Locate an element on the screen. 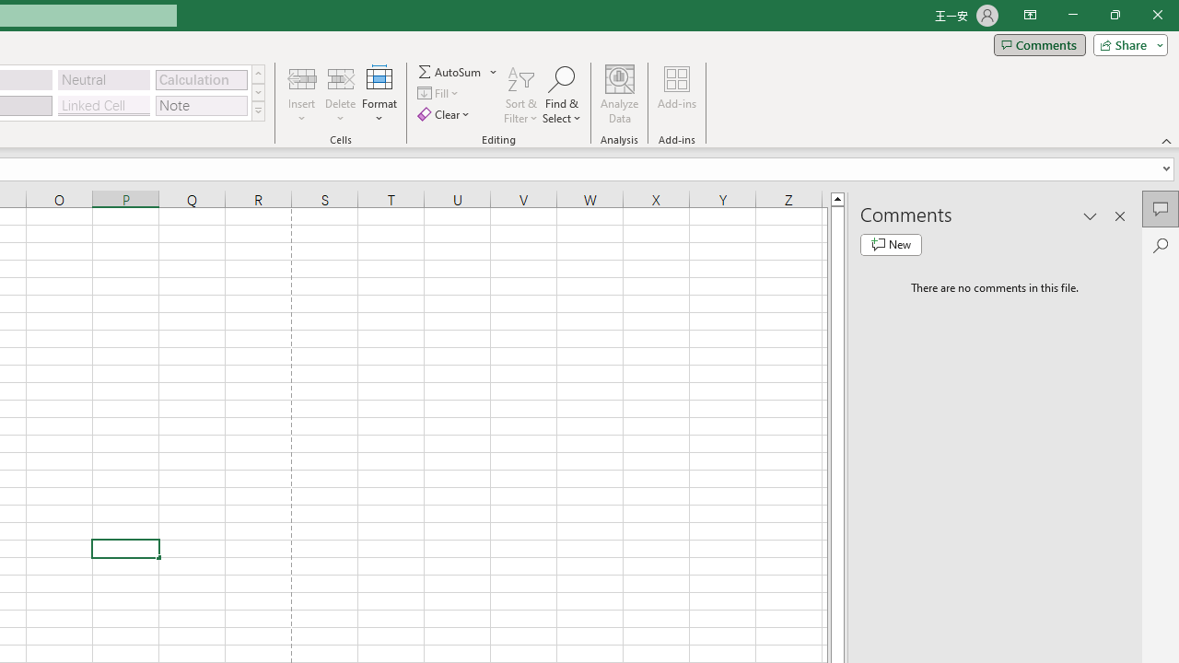 This screenshot has height=663, width=1179. 'Close pane' is located at coordinates (1119, 215).